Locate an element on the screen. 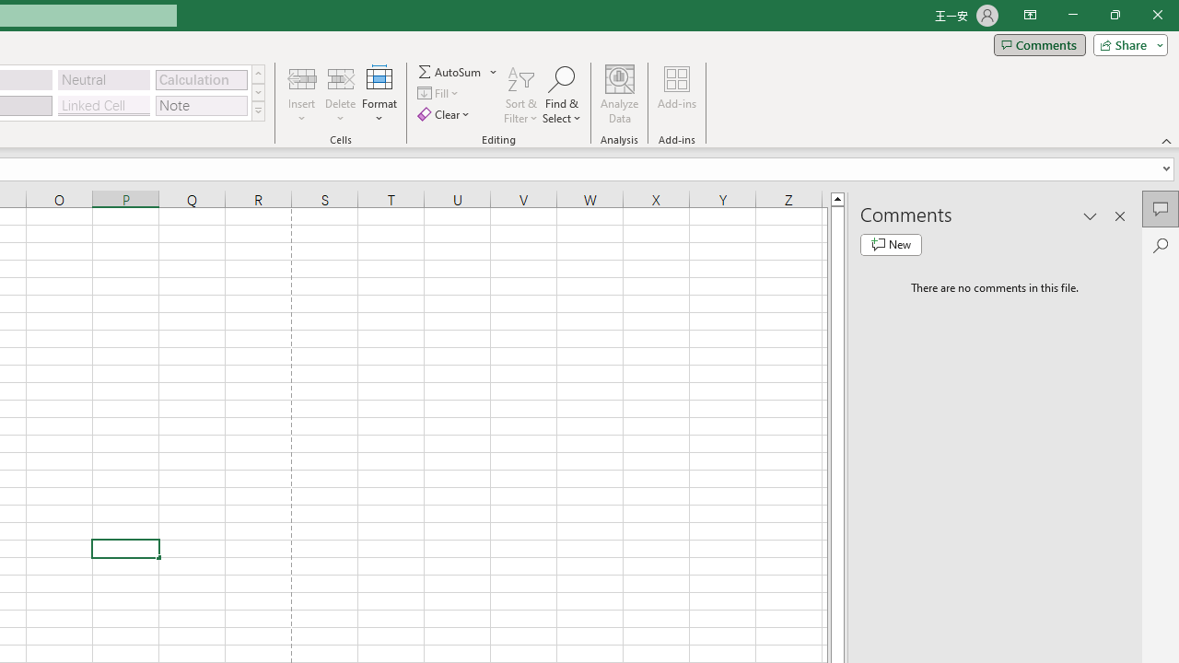 This screenshot has height=663, width=1179. 'Close pane' is located at coordinates (1119, 215).